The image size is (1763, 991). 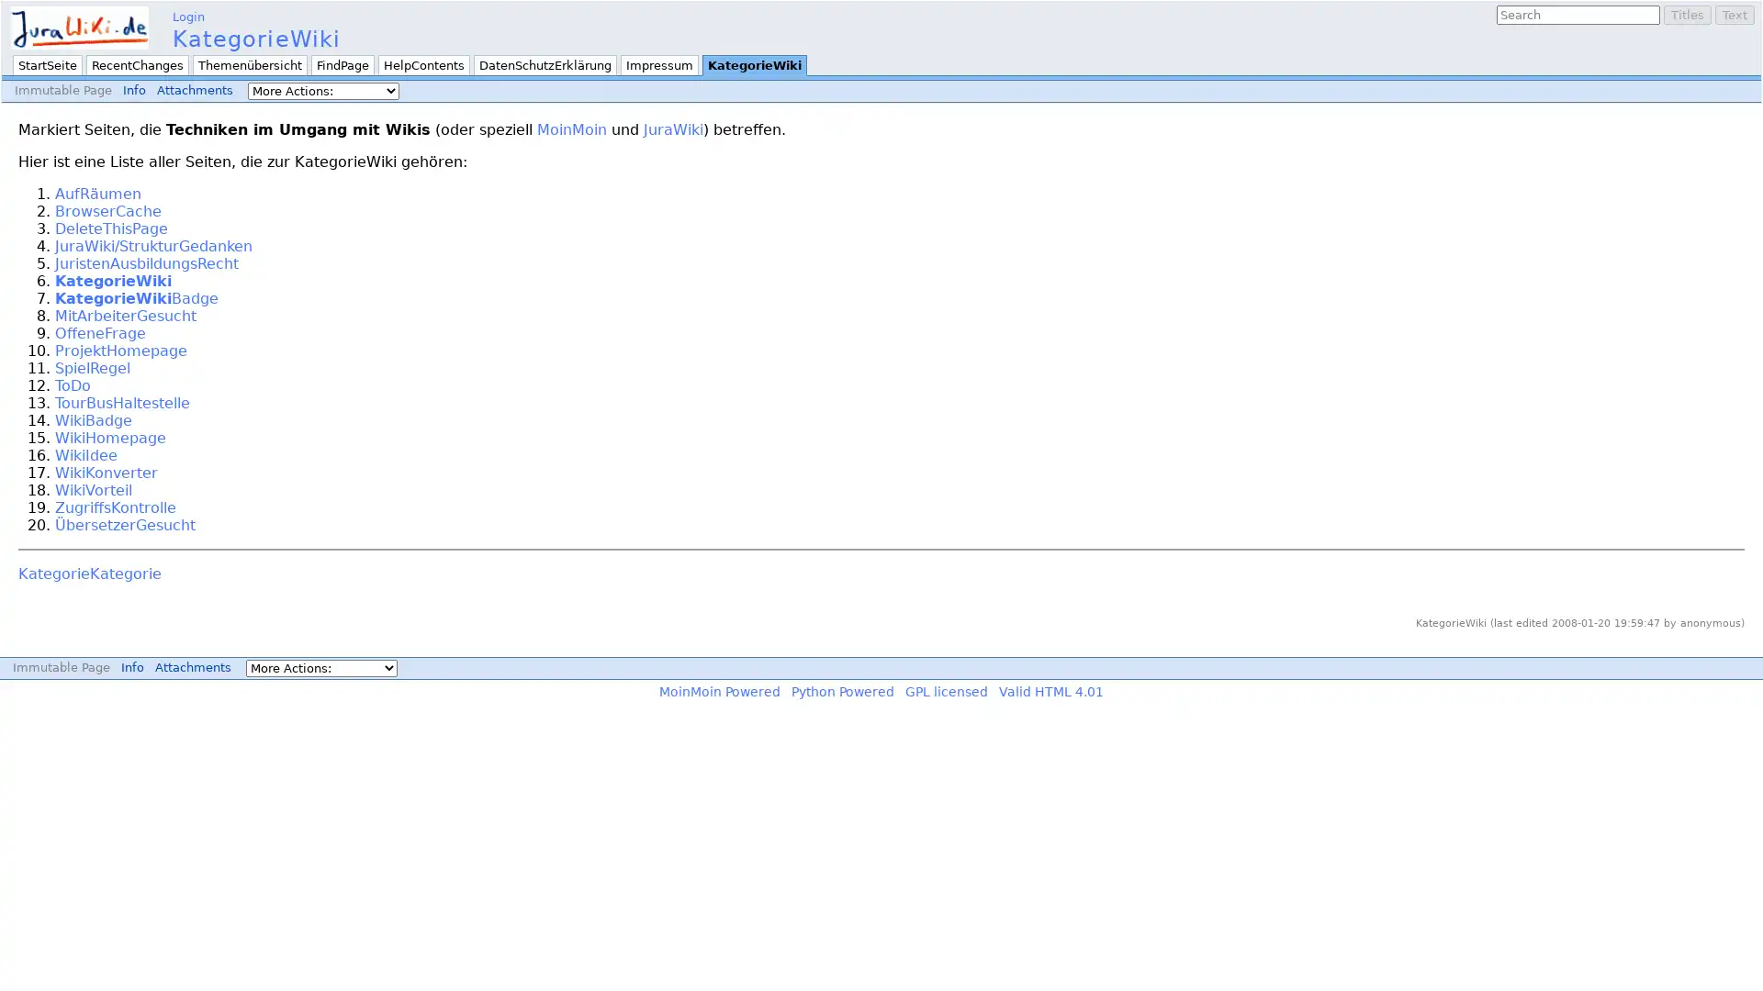 What do you see at coordinates (1734, 15) in the screenshot?
I see `Text` at bounding box center [1734, 15].